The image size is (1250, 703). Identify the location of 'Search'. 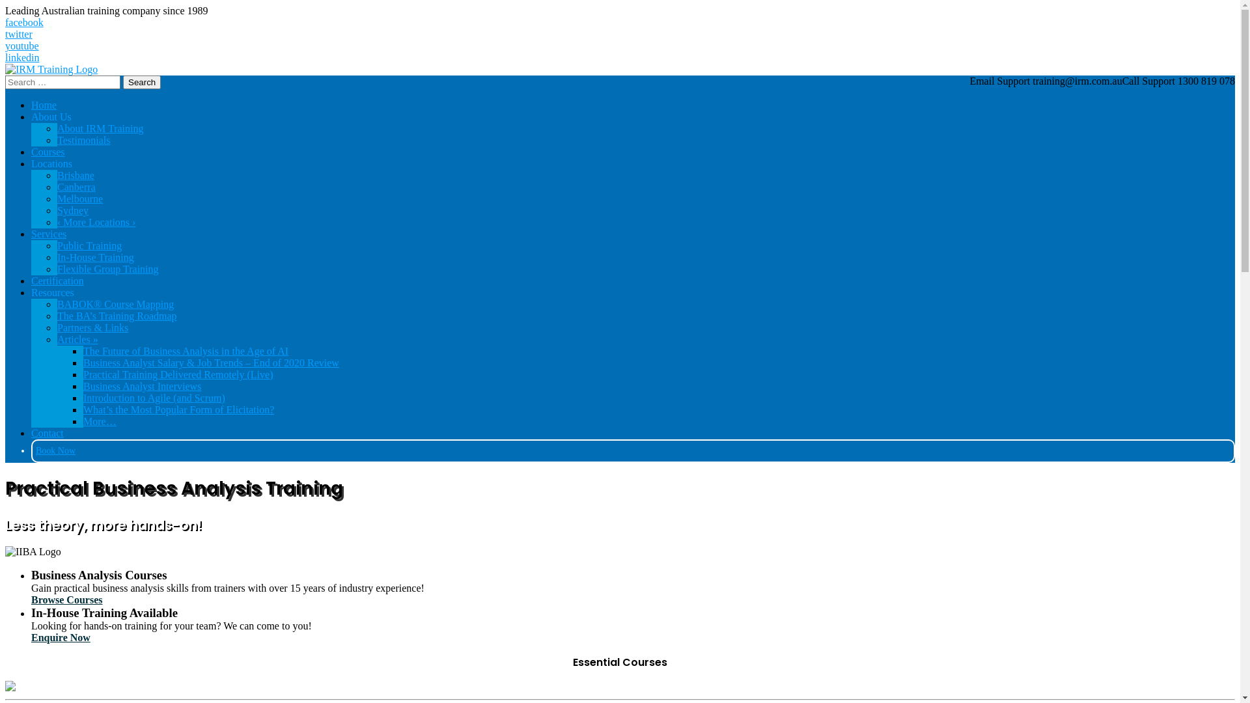
(141, 82).